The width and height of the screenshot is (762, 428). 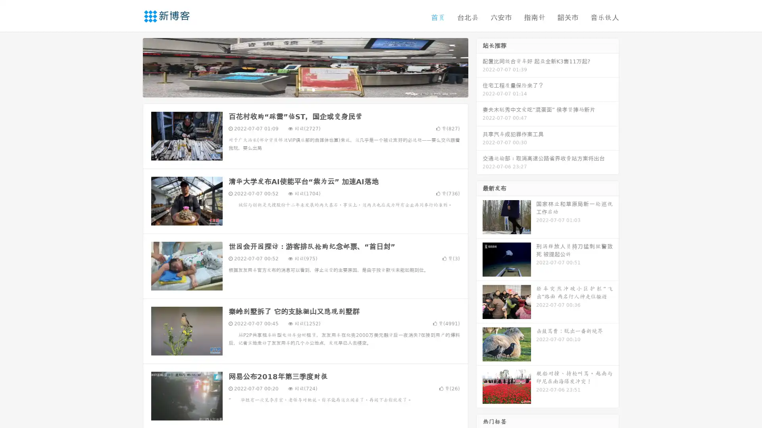 What do you see at coordinates (479, 67) in the screenshot?
I see `Next slide` at bounding box center [479, 67].